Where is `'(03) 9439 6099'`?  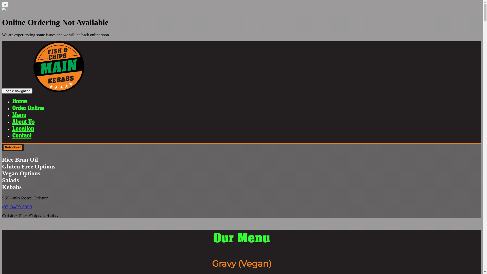 '(03) 9439 6099' is located at coordinates (17, 207).